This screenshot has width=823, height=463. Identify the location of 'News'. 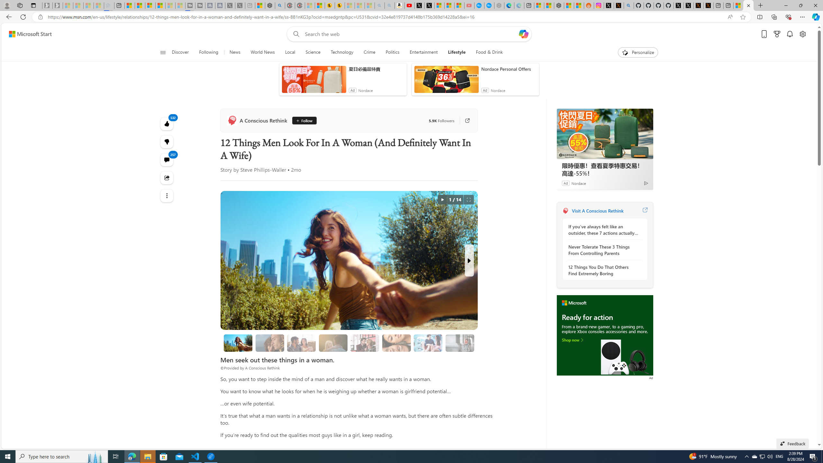
(234, 52).